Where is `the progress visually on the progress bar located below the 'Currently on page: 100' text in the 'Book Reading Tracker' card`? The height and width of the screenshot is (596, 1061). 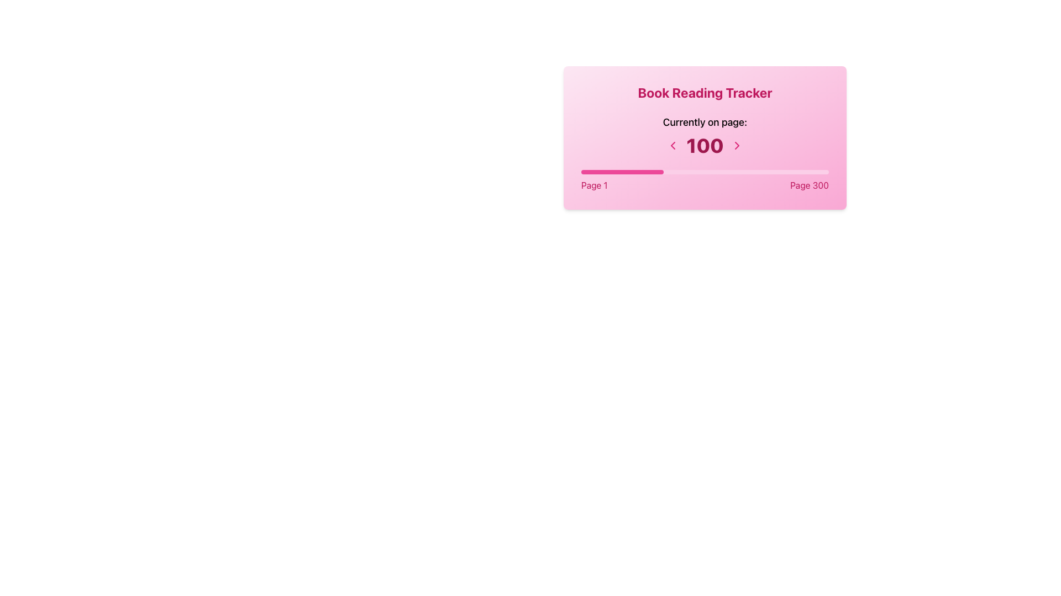 the progress visually on the progress bar located below the 'Currently on page: 100' text in the 'Book Reading Tracker' card is located at coordinates (705, 172).